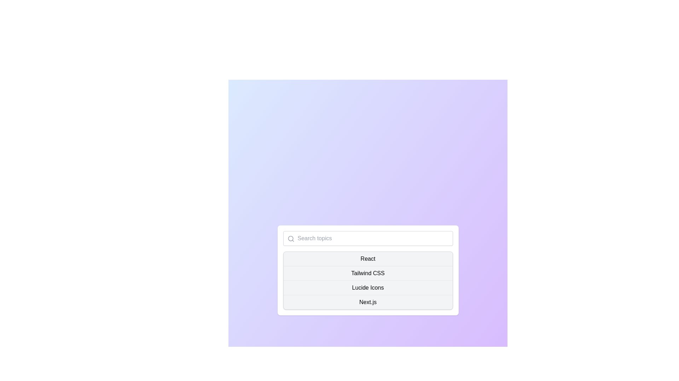 The height and width of the screenshot is (381, 679). I want to click on the decorative icon located inside the horizontal search bar to the left of the placeholder text, so click(291, 238).